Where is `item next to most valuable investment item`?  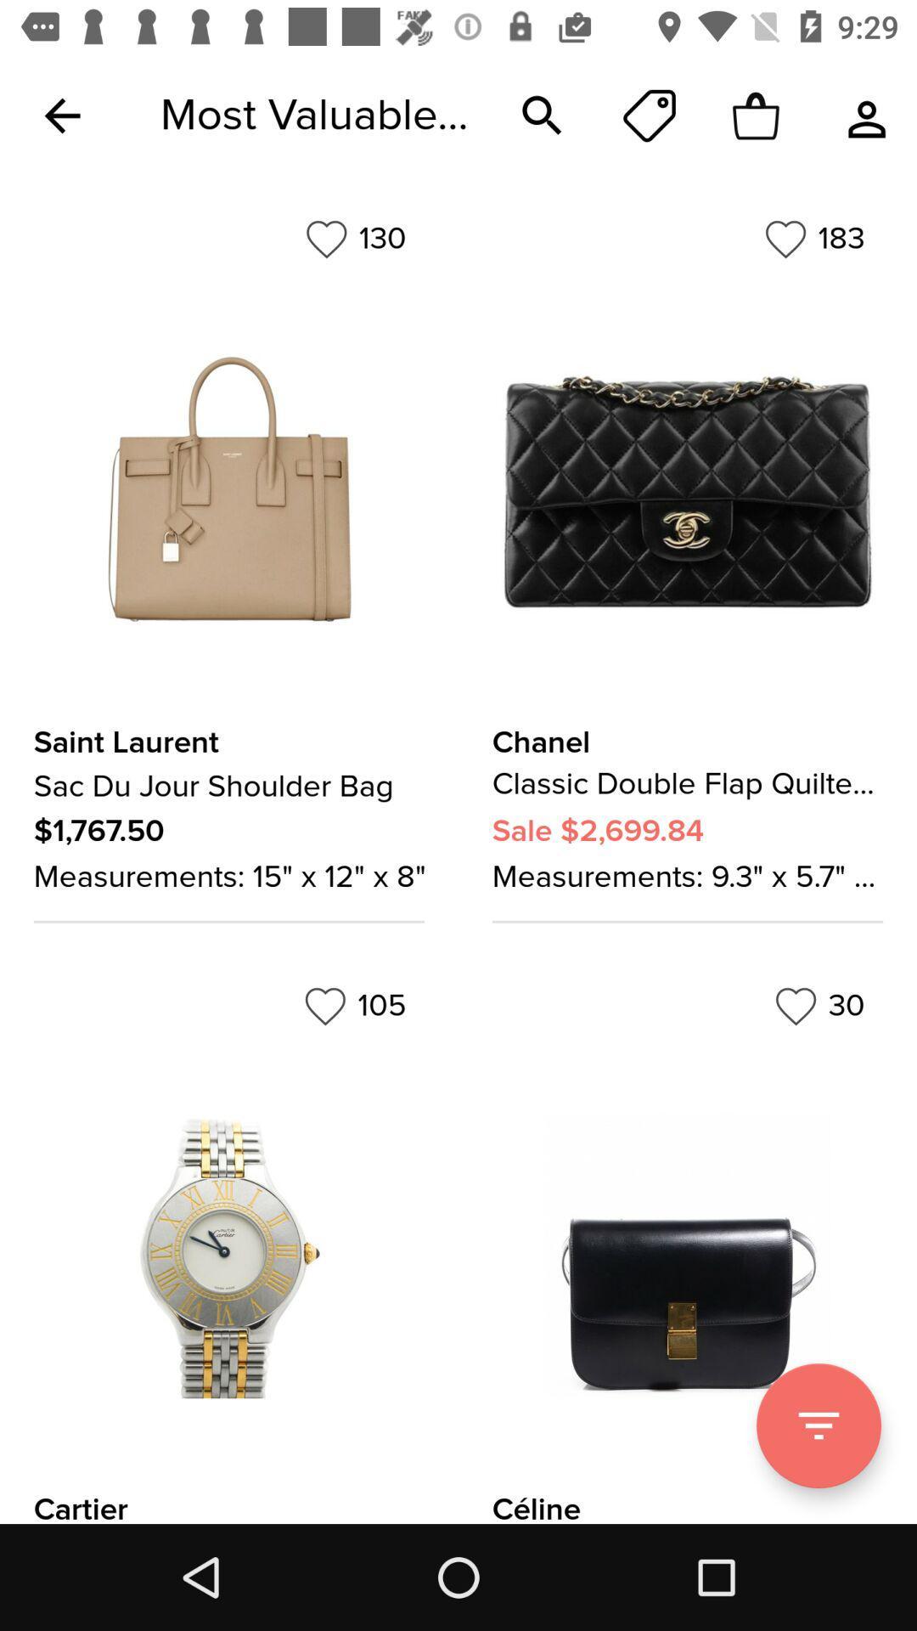
item next to most valuable investment item is located at coordinates (61, 115).